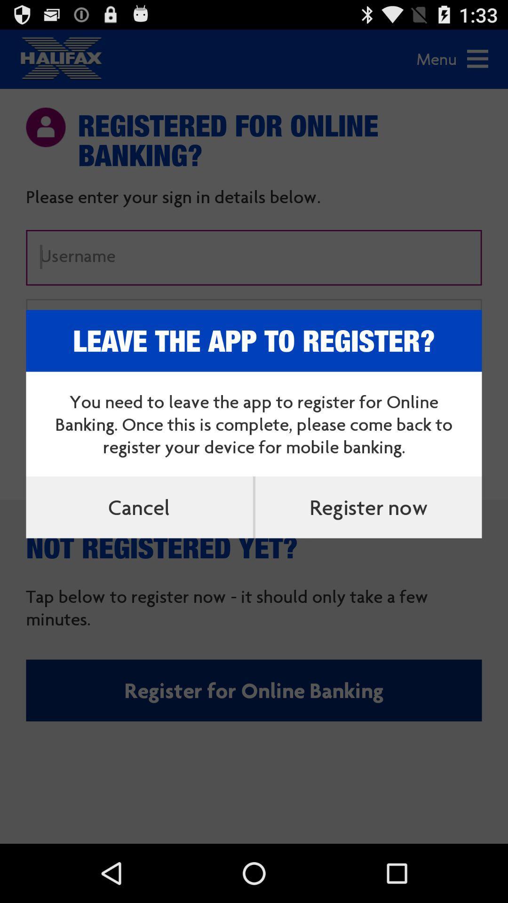  Describe the element at coordinates (368, 507) in the screenshot. I see `register now on the right` at that location.